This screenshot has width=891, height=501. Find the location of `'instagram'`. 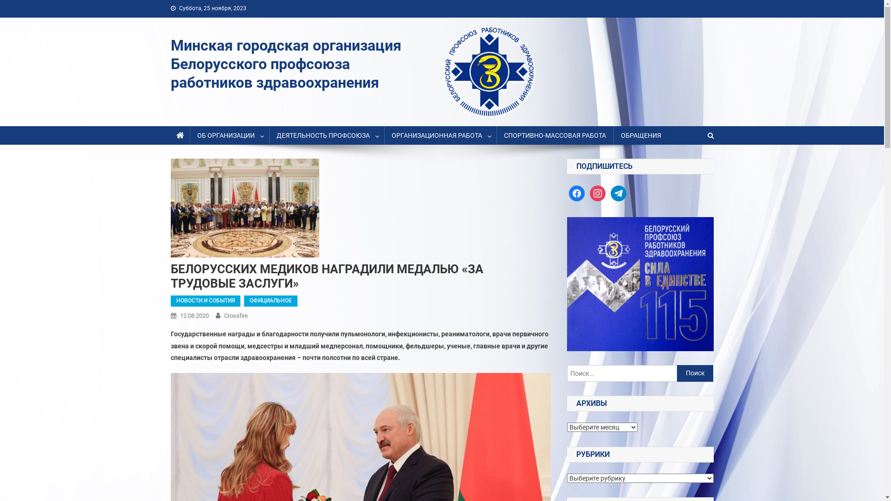

'instagram' is located at coordinates (597, 193).